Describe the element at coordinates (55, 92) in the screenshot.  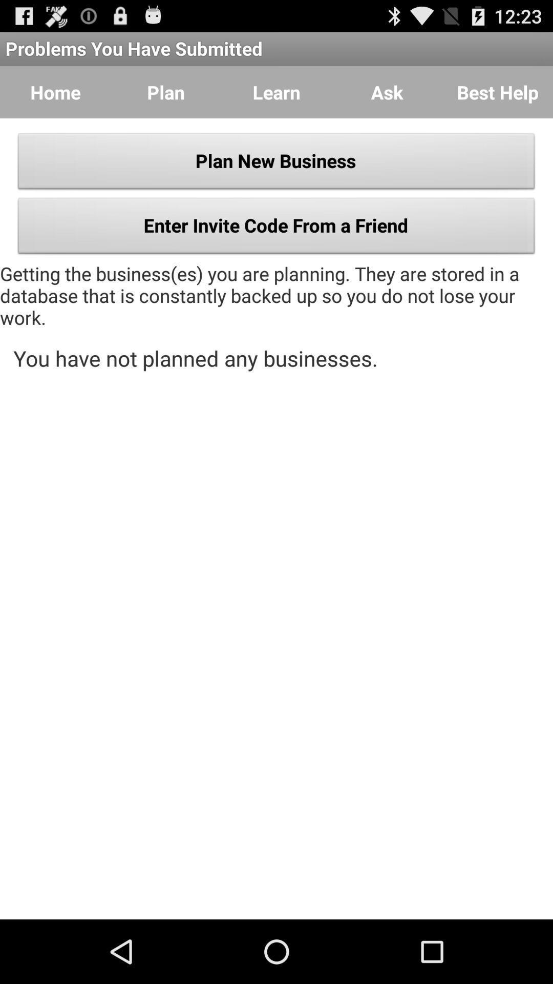
I see `the icon to the left of plan item` at that location.